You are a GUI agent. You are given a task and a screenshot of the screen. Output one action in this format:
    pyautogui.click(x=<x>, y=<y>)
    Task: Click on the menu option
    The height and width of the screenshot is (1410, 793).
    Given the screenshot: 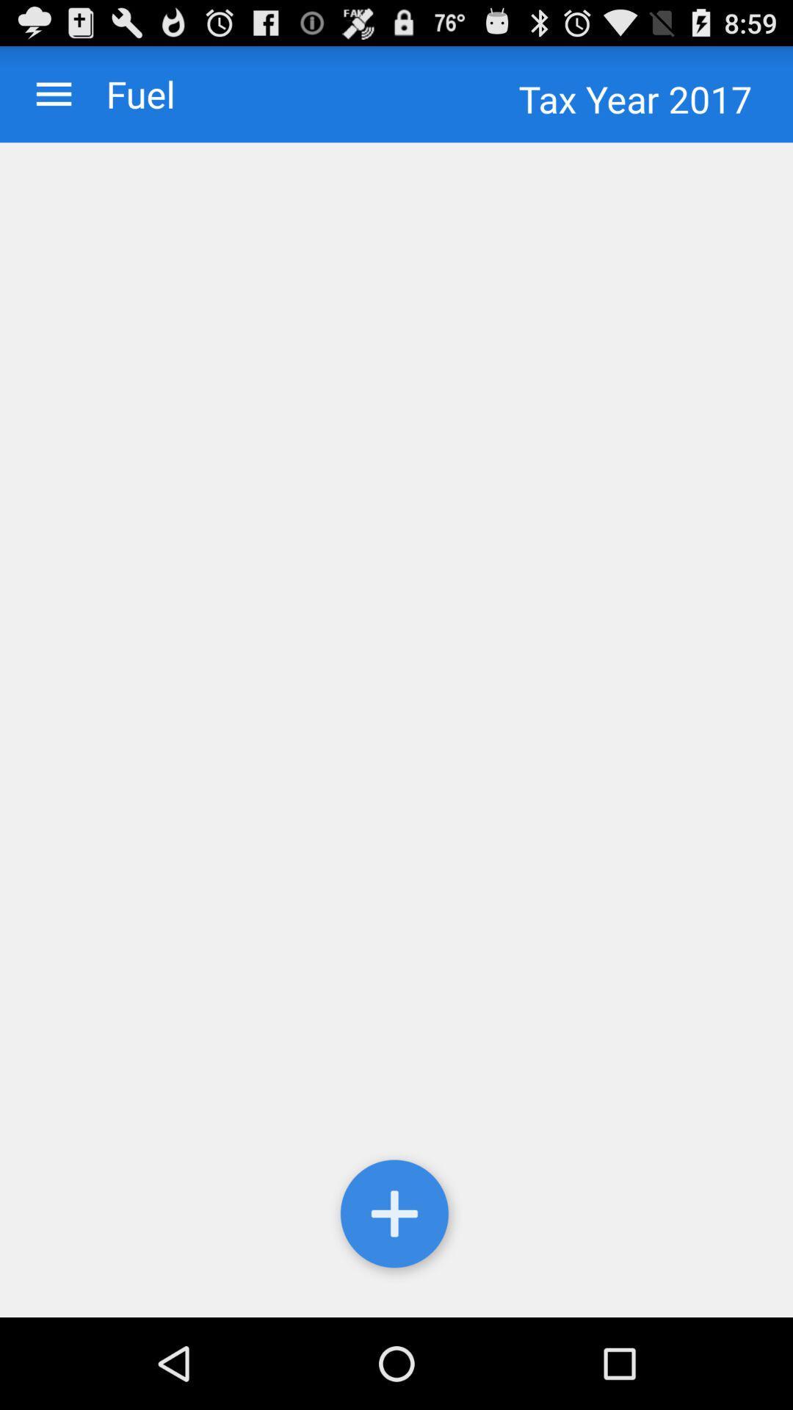 What is the action you would take?
    pyautogui.click(x=53, y=93)
    